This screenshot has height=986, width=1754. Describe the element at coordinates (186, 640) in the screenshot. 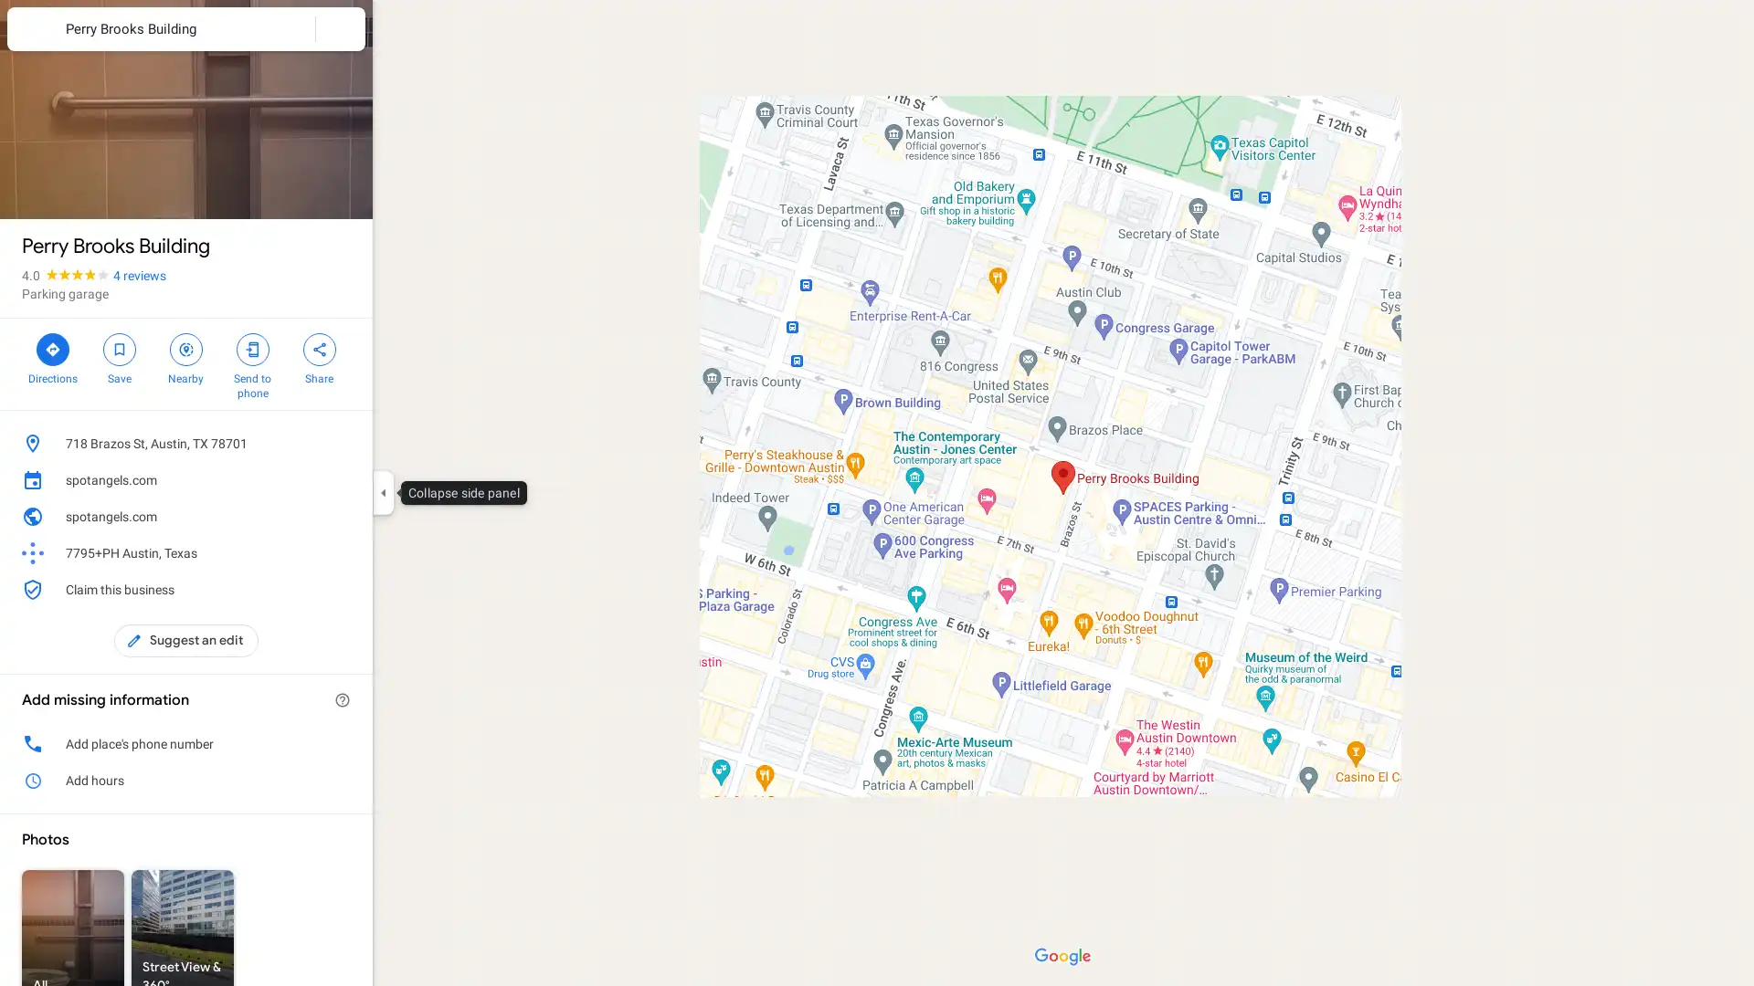

I see `Suggest an edit` at that location.